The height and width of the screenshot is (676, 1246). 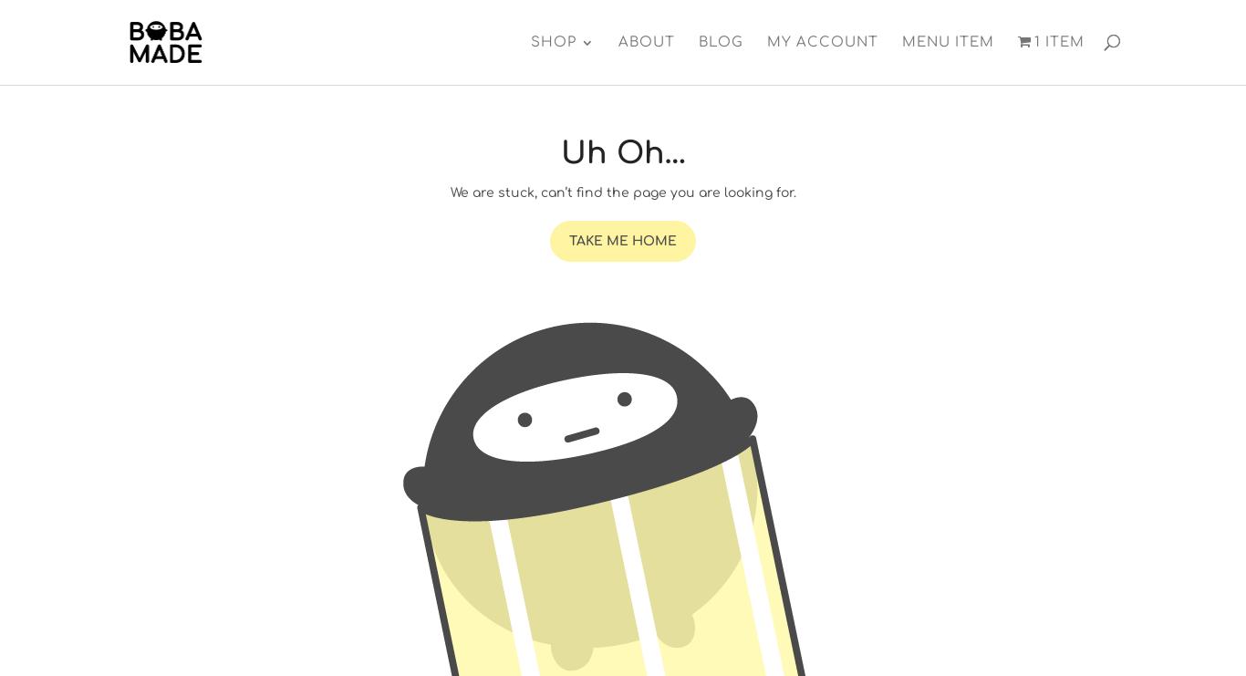 What do you see at coordinates (551, 104) in the screenshot?
I see `'Bags'` at bounding box center [551, 104].